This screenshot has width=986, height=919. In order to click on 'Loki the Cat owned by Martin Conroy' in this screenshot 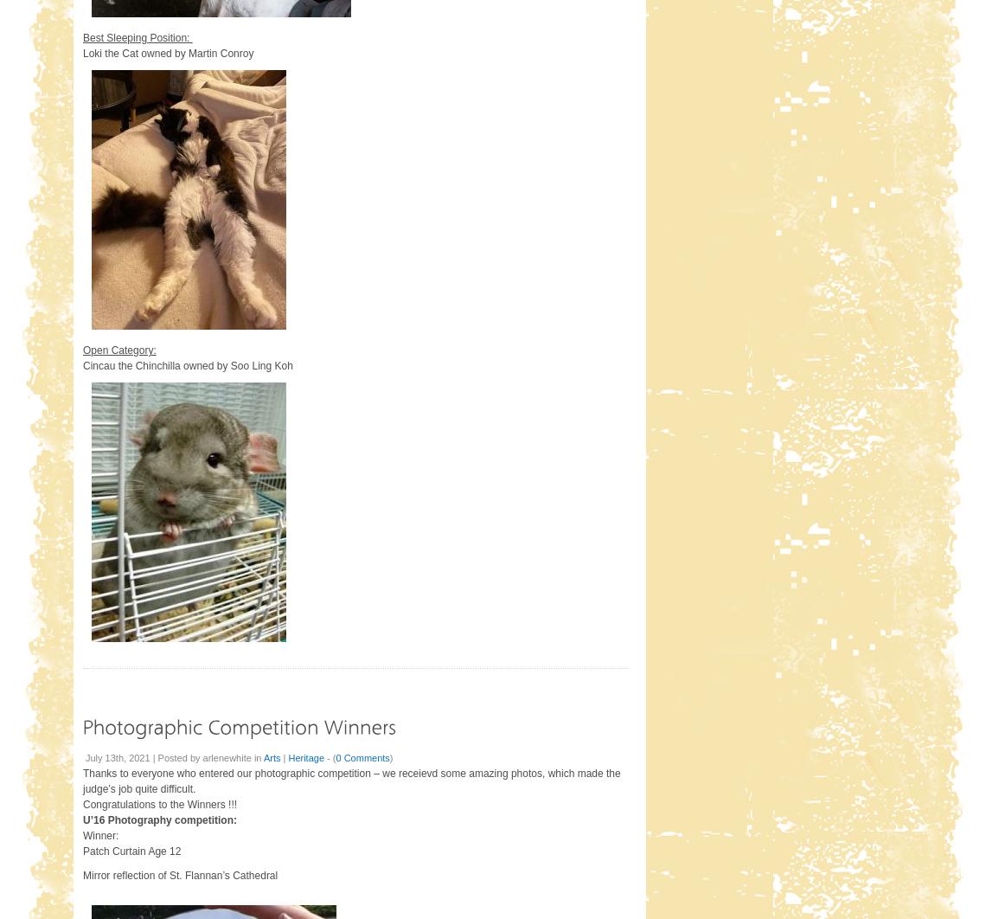, I will do `click(168, 52)`.